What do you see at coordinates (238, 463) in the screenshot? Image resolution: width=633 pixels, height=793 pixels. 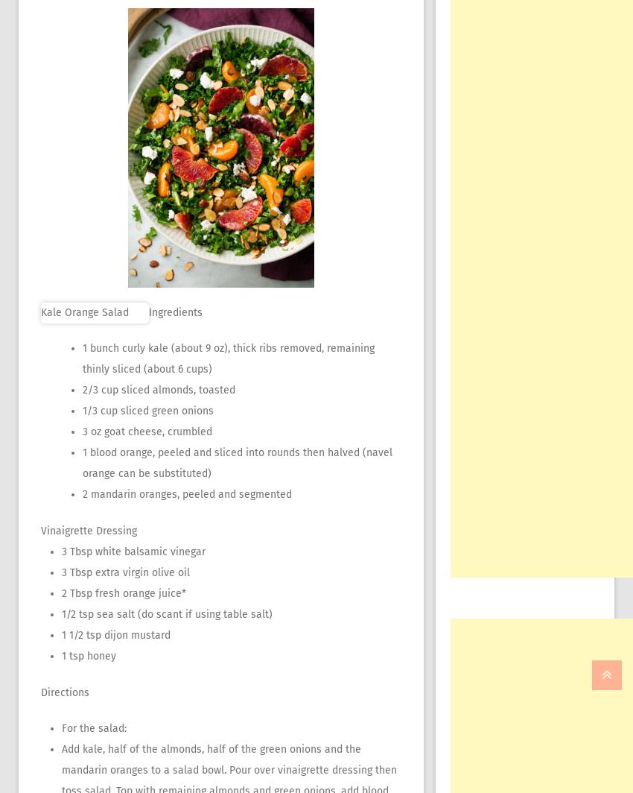 I see `'1 blood orange, peeled and sliced into rounds then halved (navel orange can be substituted)'` at bounding box center [238, 463].